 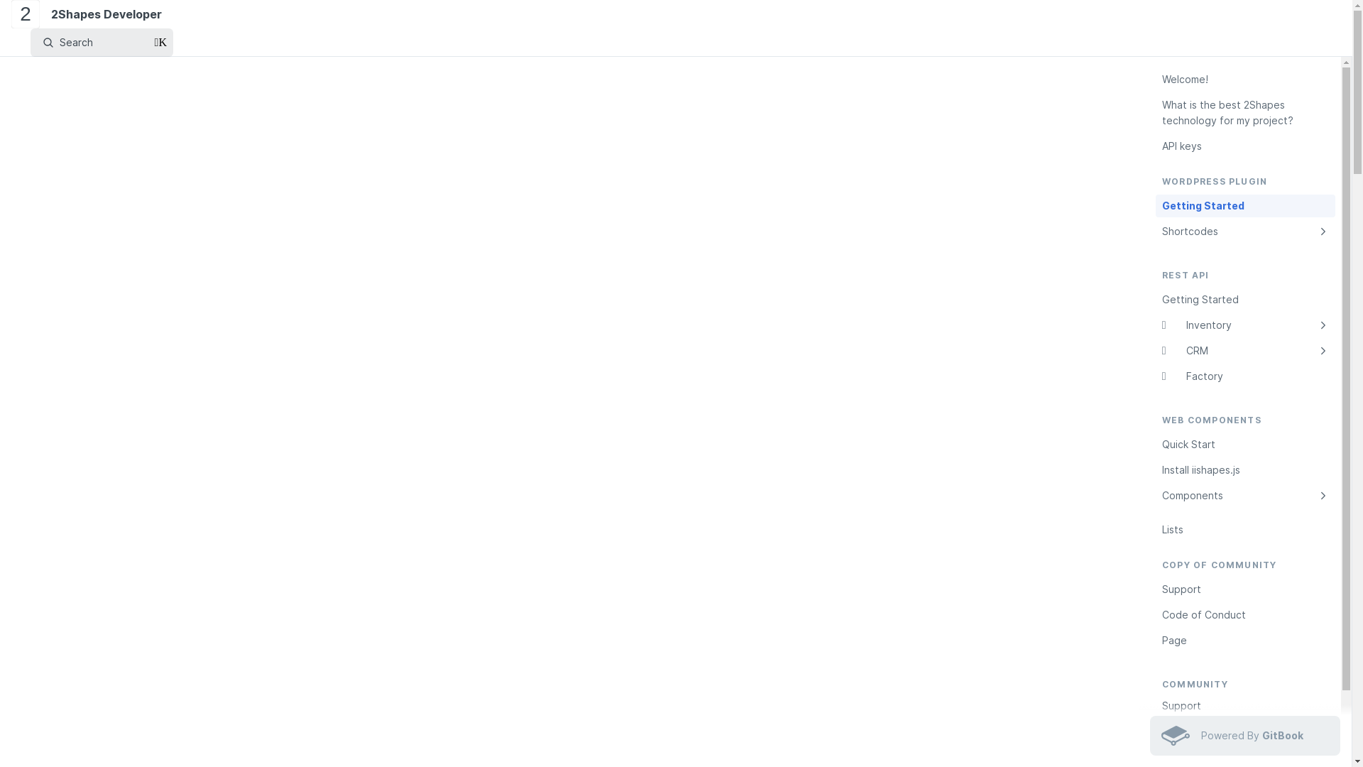 What do you see at coordinates (1244, 731) in the screenshot?
I see `'Code of Conduct'` at bounding box center [1244, 731].